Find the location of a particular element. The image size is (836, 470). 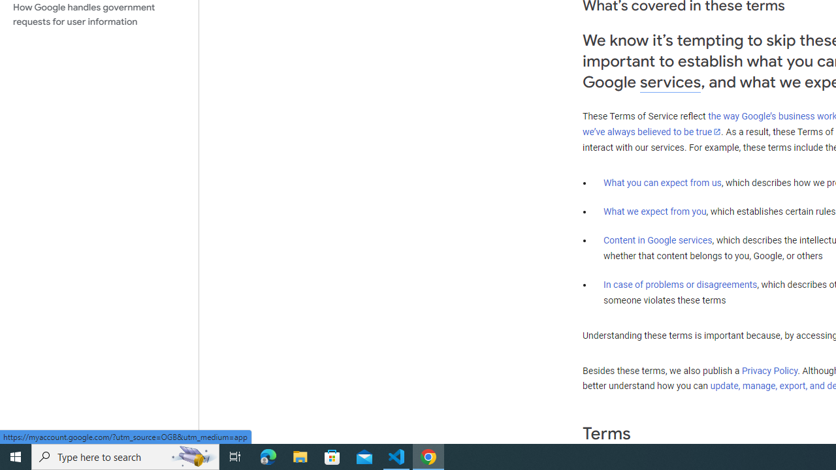

'Privacy Policy' is located at coordinates (769, 370).